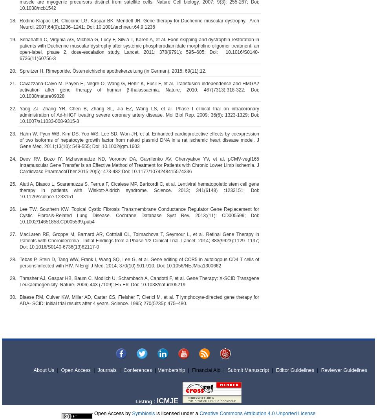 This screenshot has height=419, width=377. What do you see at coordinates (139, 24) in the screenshot?
I see `'Rodino-Klapac  LR, Chicoine LG, Kaspar BK, Mendell JR. Gene therapy for  Duchenne muscular dystrophy.  Arch Neurol.  2007;64(9):1236–1241; Doi: 10.1001/archneur.64.9.1236'` at bounding box center [139, 24].